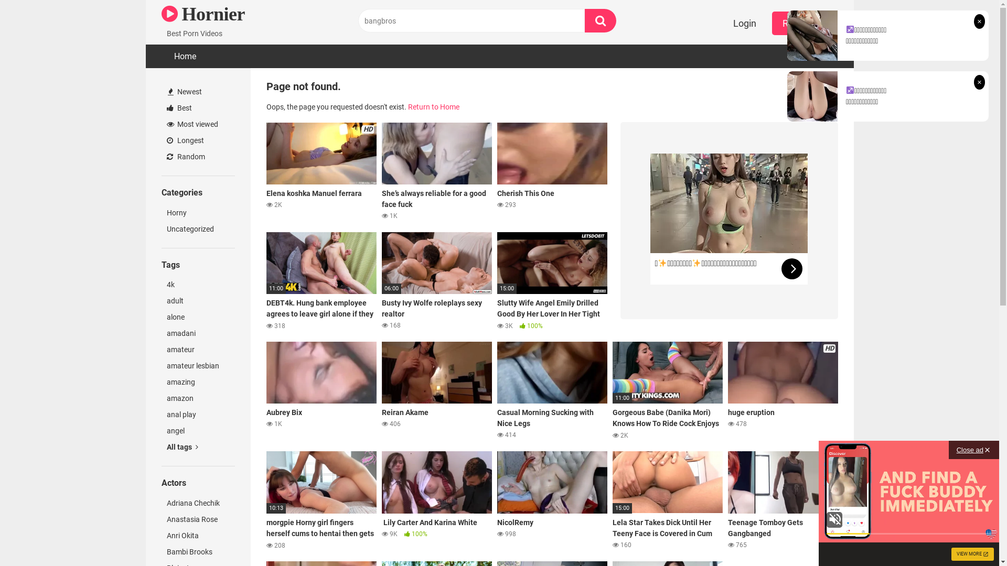 The height and width of the screenshot is (566, 1007). I want to click on '06:00, so click(437, 280).